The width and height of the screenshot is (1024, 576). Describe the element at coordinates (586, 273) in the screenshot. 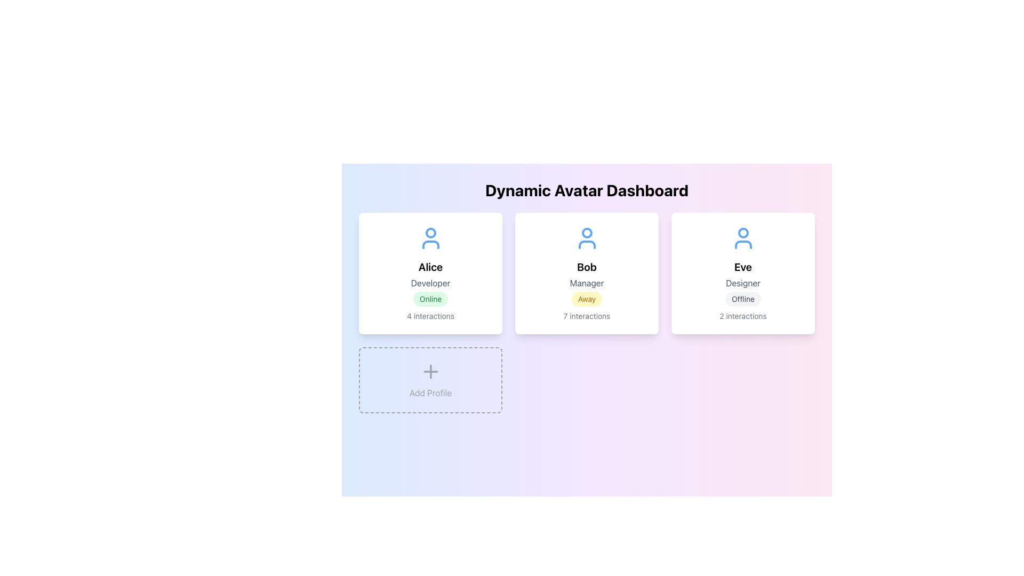

I see `the informational card displaying an overview of a specific individual, located centrally in the row, for more details` at that location.